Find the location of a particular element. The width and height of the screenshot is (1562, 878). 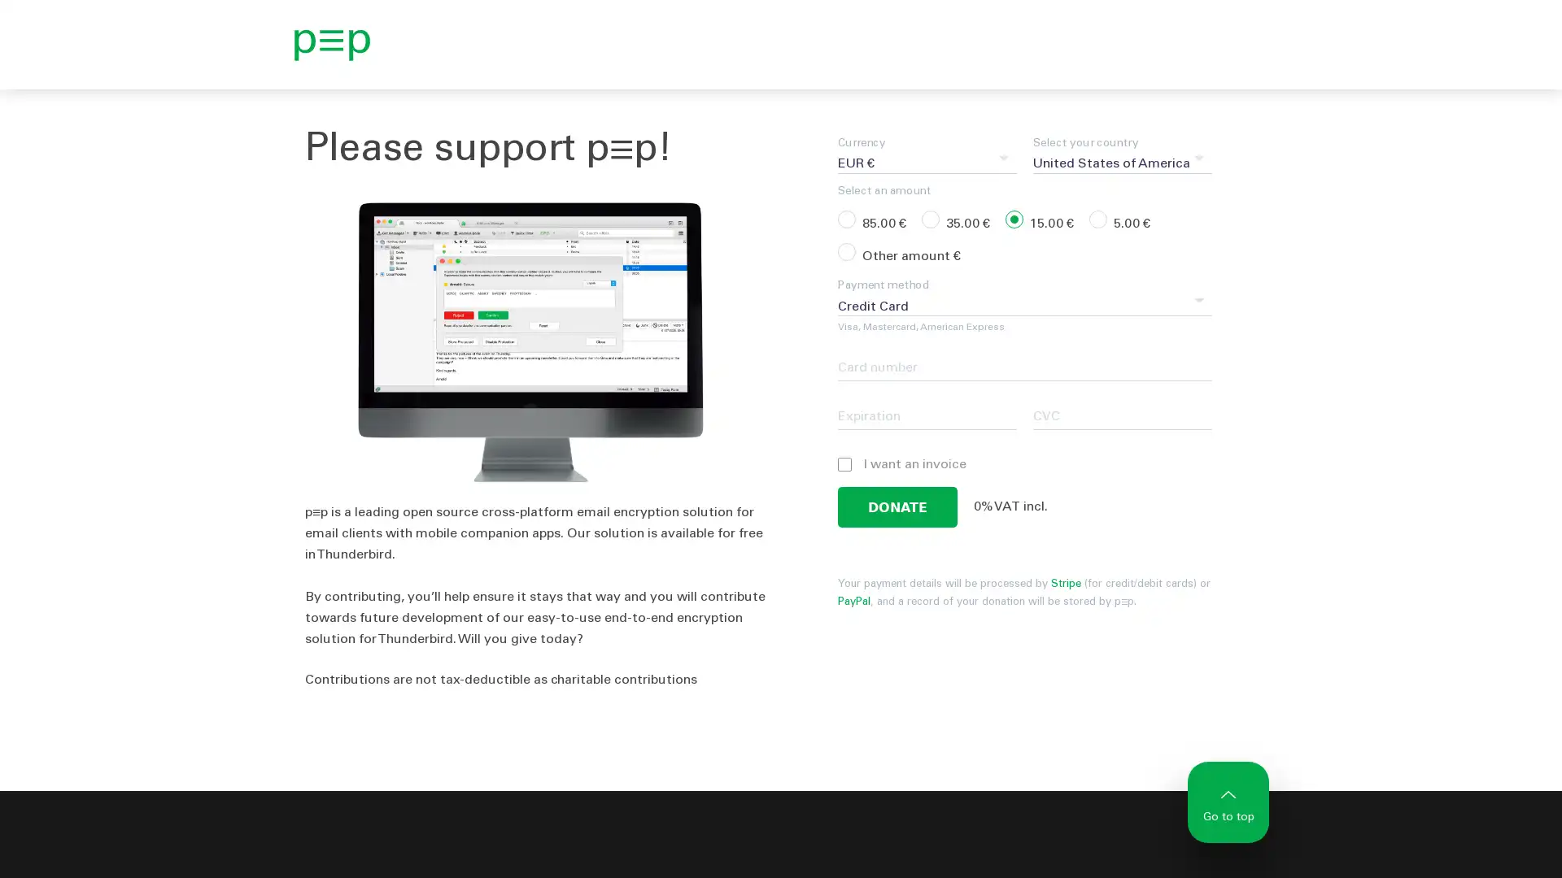

DONATE is located at coordinates (897, 506).